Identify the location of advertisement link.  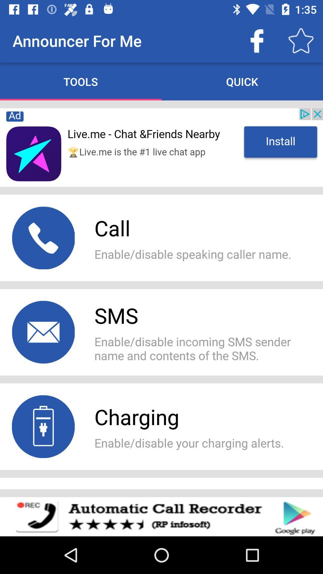
(161, 147).